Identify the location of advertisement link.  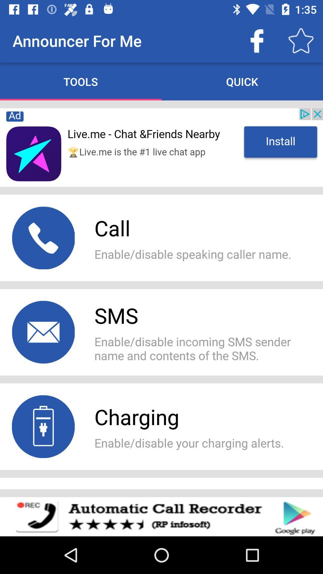
(161, 147).